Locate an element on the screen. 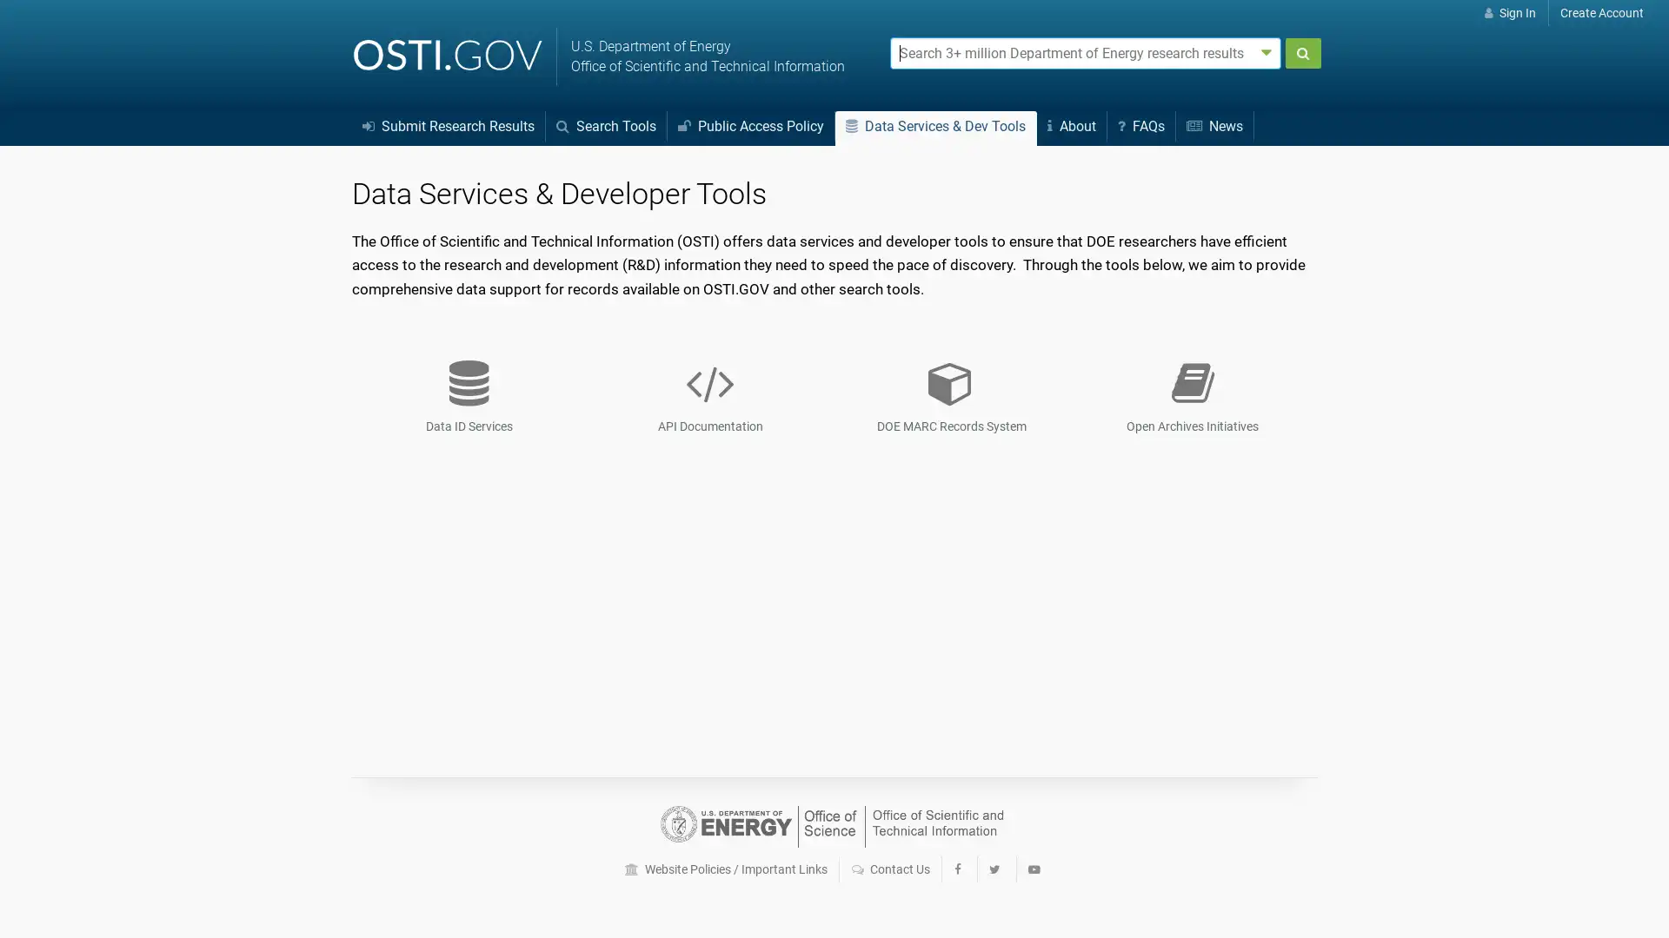 This screenshot has height=938, width=1669. Open the advanced search options is located at coordinates (1267, 51).